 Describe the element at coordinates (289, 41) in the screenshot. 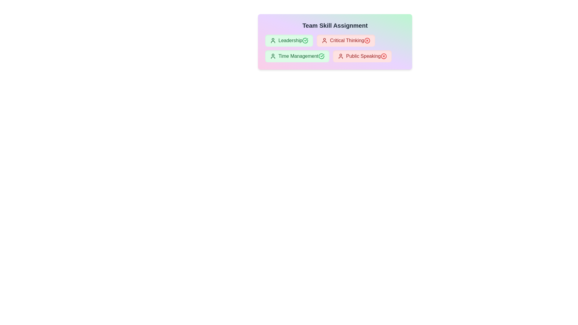

I see `the assigned and unassigned skills based on their color coding` at that location.